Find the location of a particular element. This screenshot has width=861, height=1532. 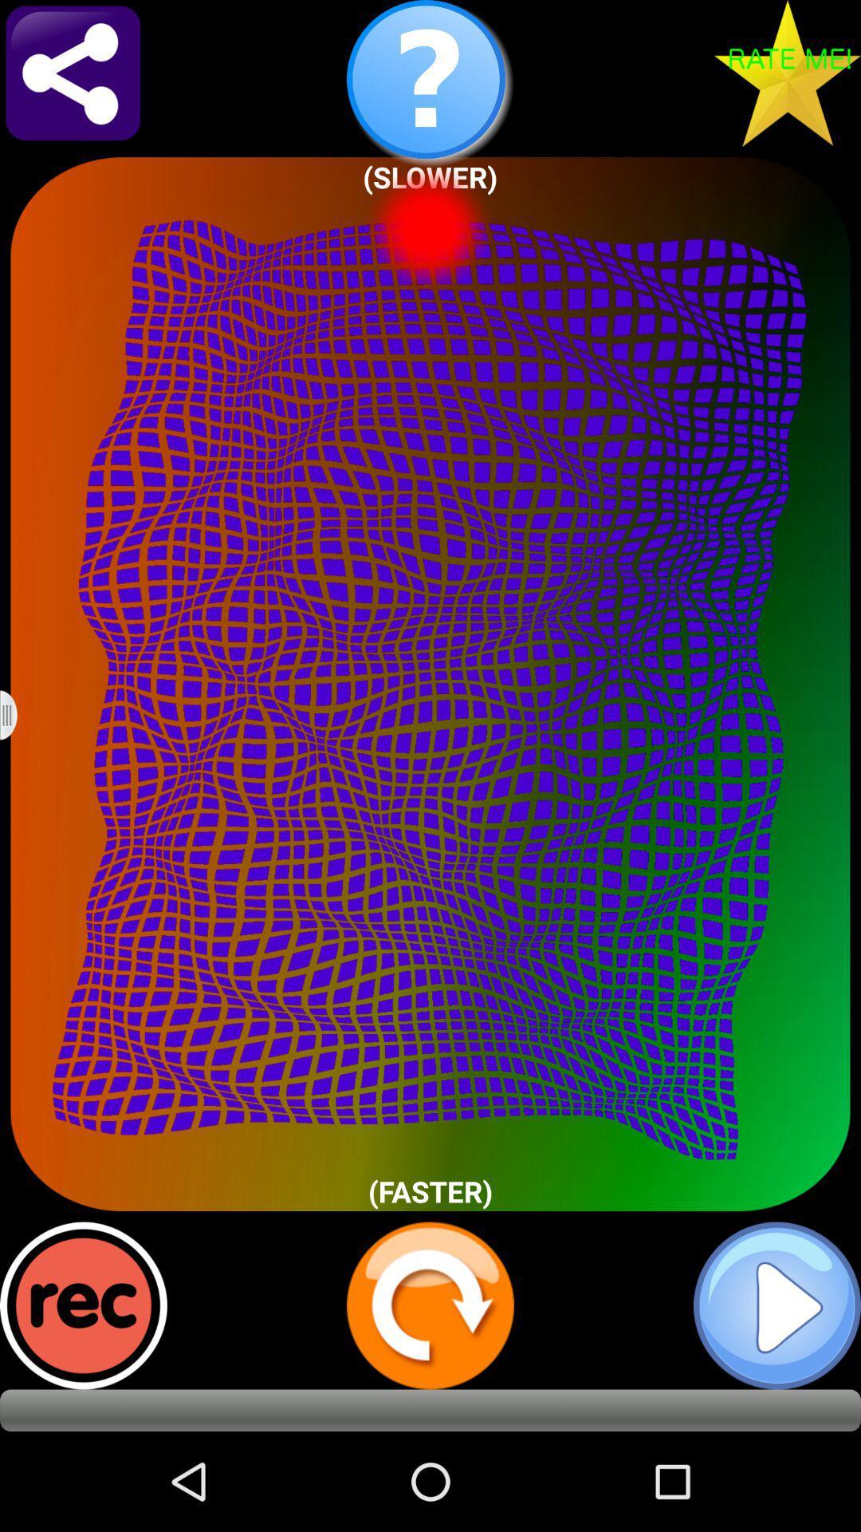

video is located at coordinates (776, 1305).